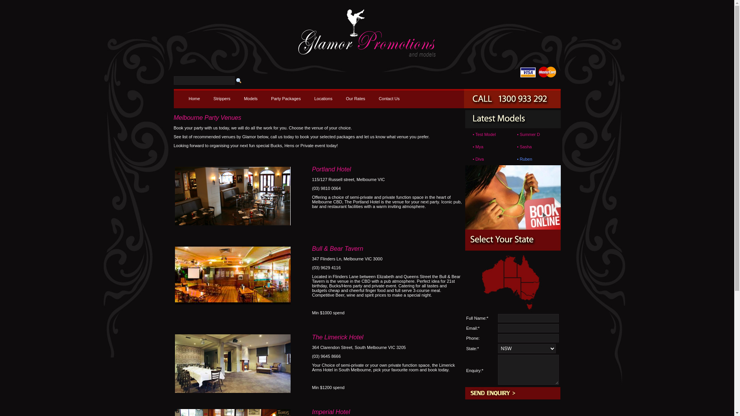  What do you see at coordinates (475, 158) in the screenshot?
I see `'Diva'` at bounding box center [475, 158].